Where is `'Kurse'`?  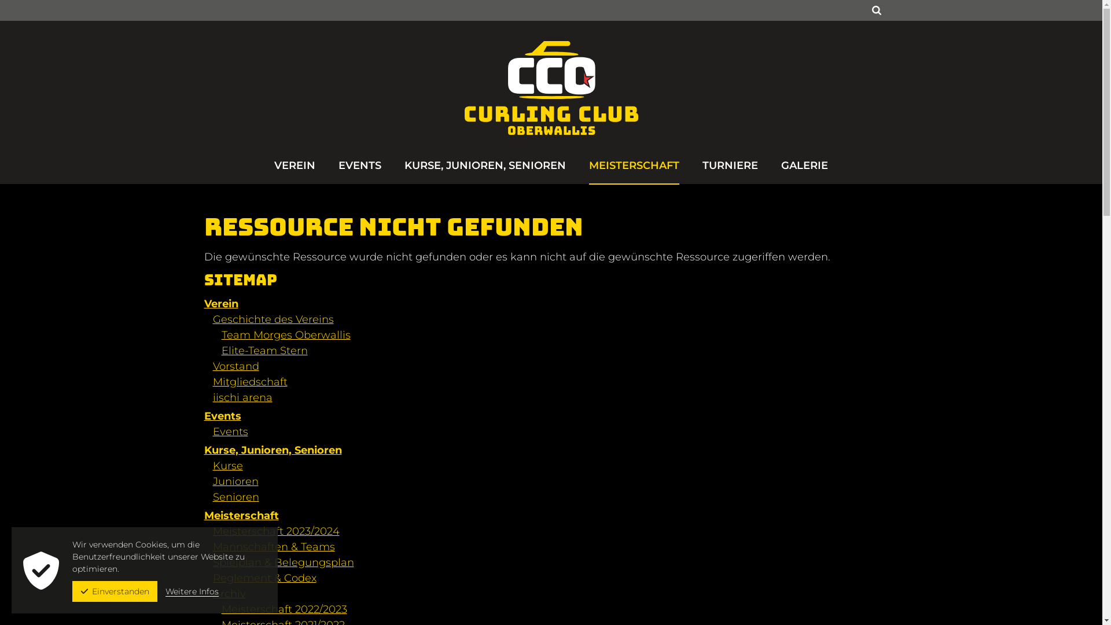
'Kurse' is located at coordinates (227, 465).